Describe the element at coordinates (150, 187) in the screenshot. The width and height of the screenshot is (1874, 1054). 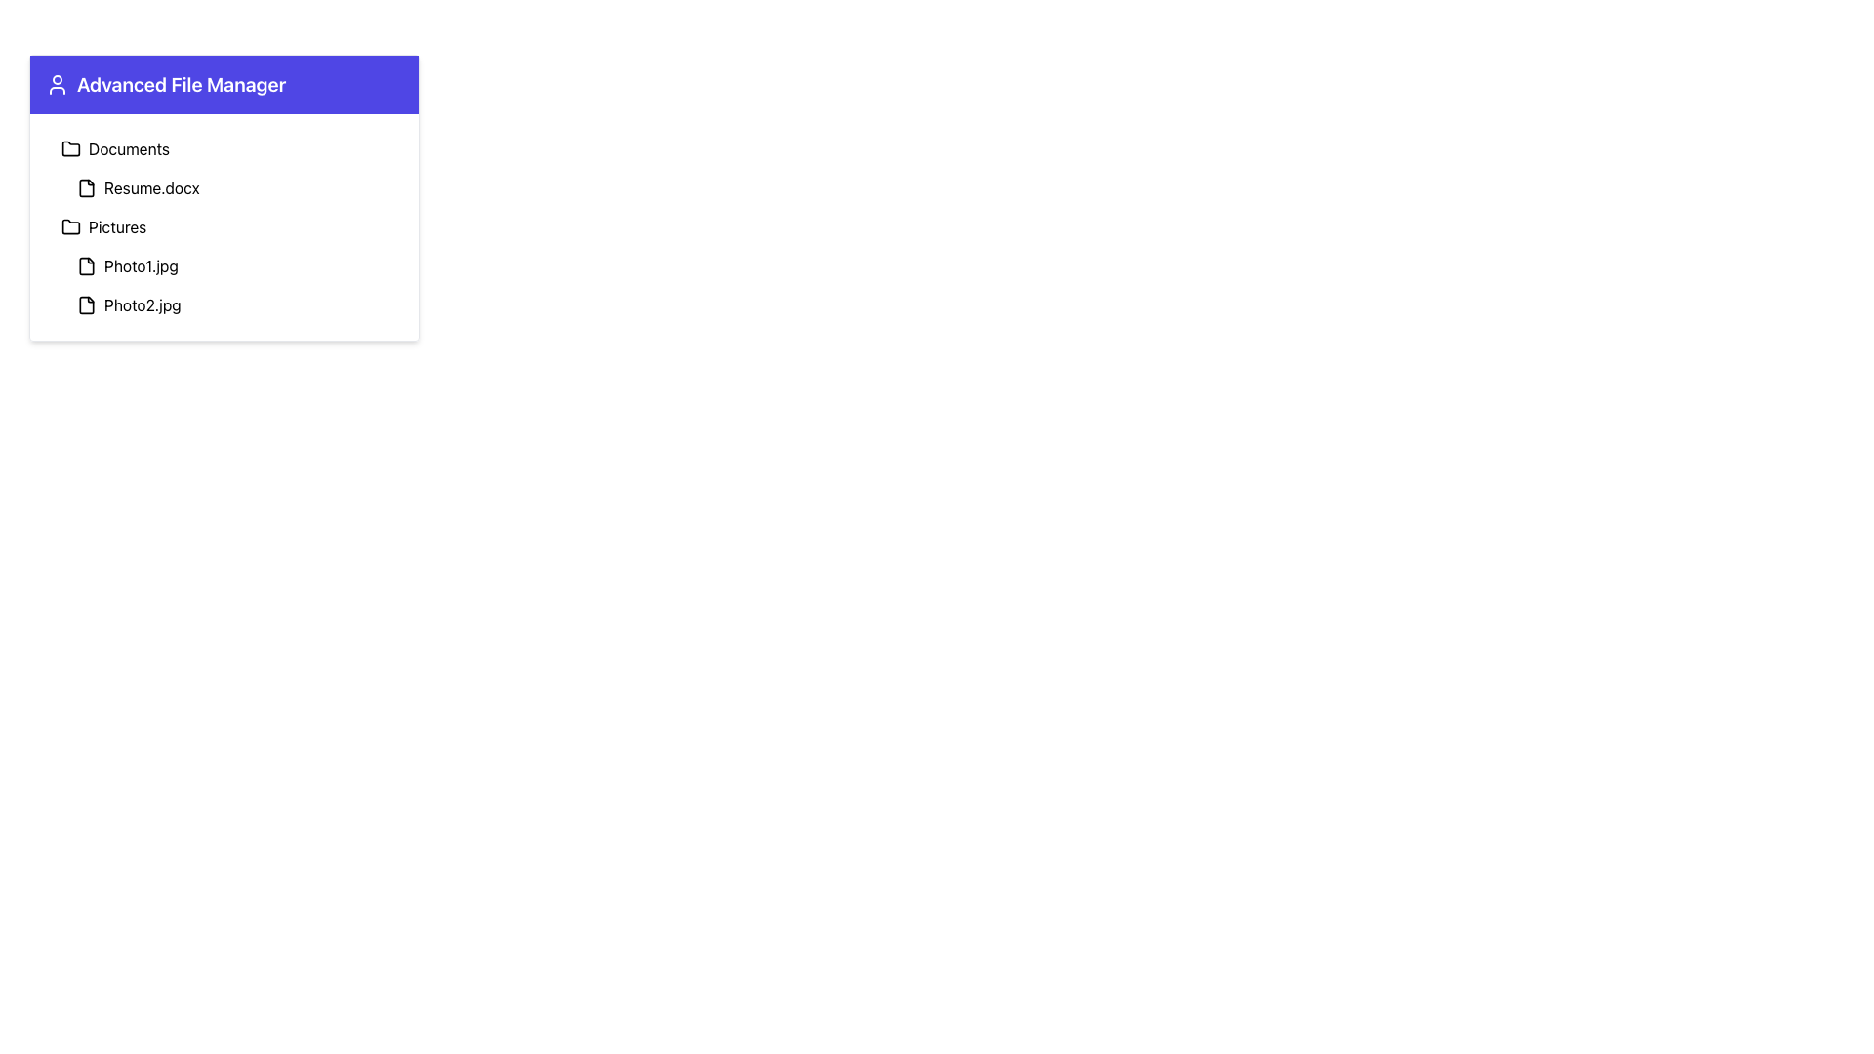
I see `the label of the file entry named 'Resume.docx'` at that location.